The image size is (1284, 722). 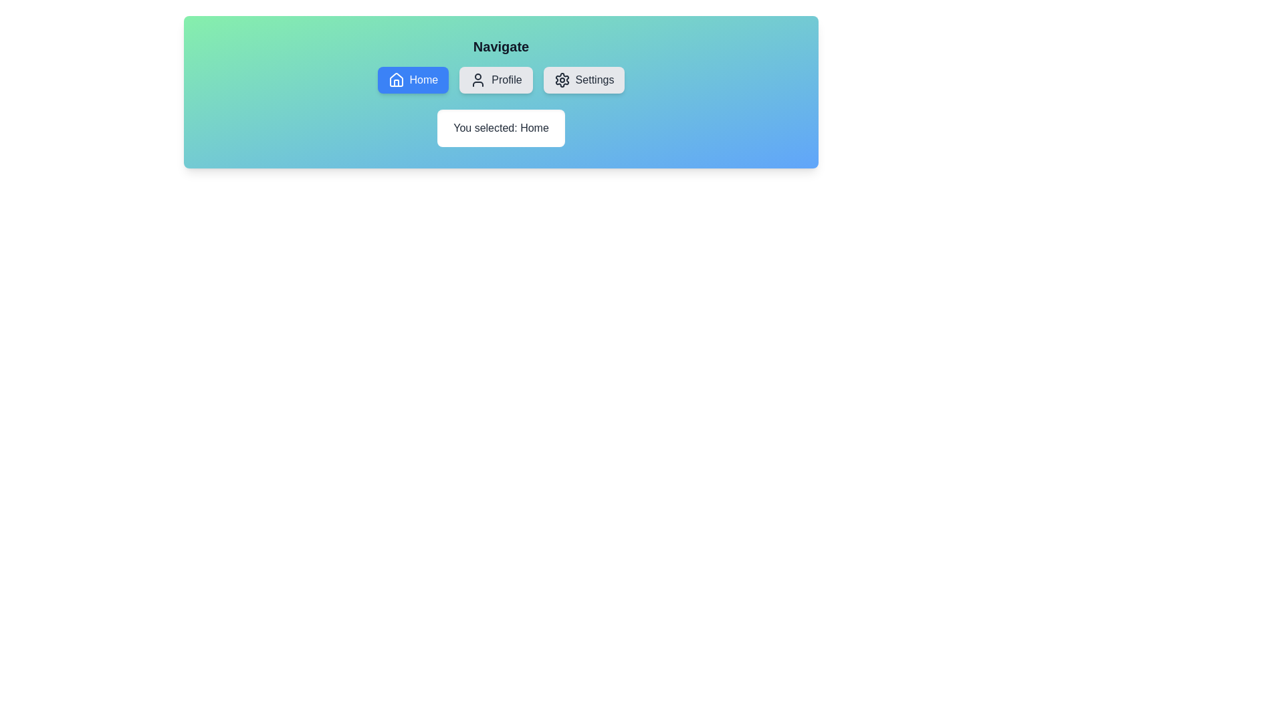 I want to click on the navigation option Settings, so click(x=584, y=80).